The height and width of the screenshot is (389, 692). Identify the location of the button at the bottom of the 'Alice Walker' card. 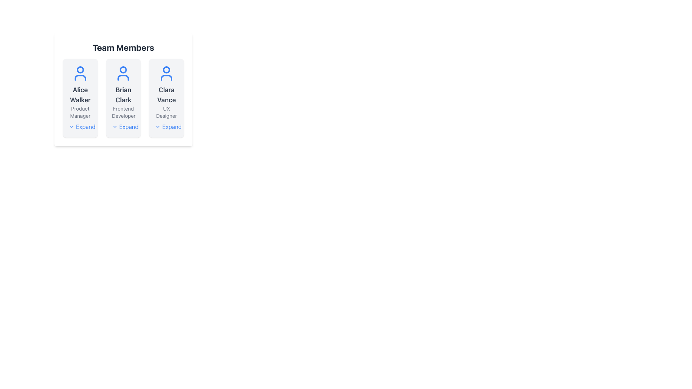
(82, 126).